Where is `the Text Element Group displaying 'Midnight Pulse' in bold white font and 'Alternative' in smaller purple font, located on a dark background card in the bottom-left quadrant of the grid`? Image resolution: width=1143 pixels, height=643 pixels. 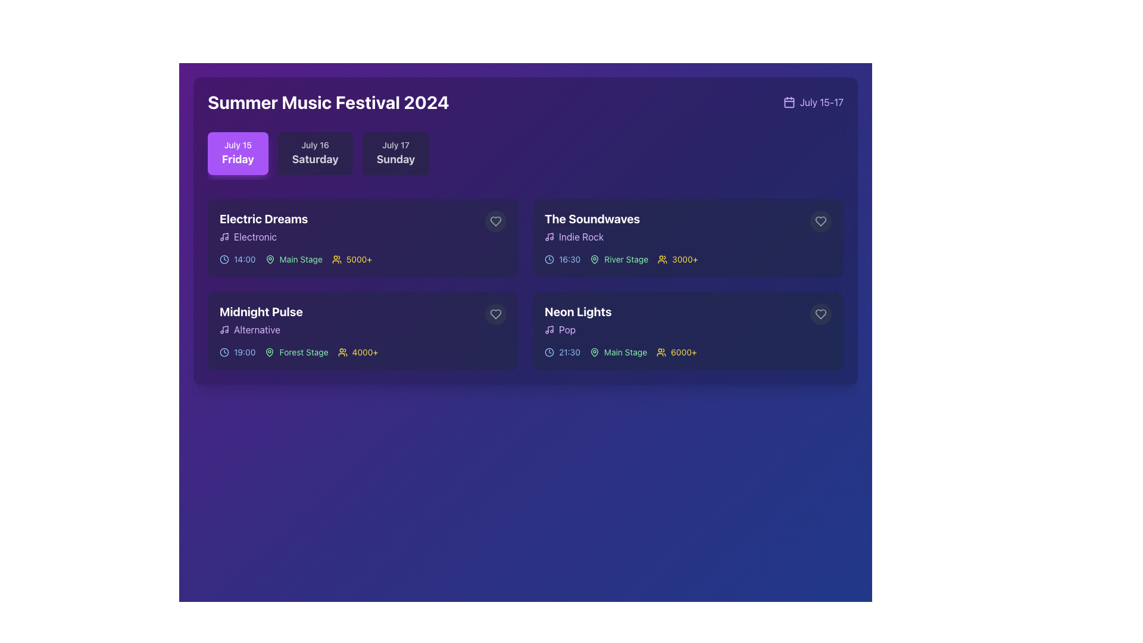 the Text Element Group displaying 'Midnight Pulse' in bold white font and 'Alternative' in smaller purple font, located on a dark background card in the bottom-left quadrant of the grid is located at coordinates (260, 319).